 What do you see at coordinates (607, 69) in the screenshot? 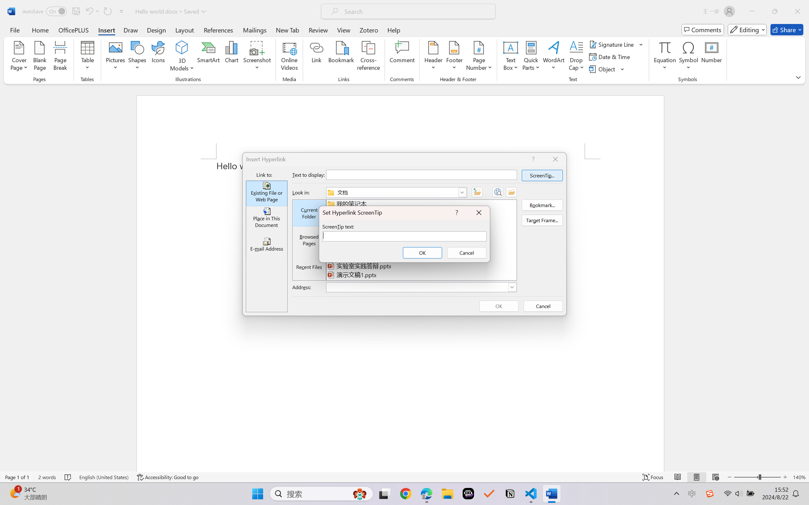
I see `'Object...'` at bounding box center [607, 69].